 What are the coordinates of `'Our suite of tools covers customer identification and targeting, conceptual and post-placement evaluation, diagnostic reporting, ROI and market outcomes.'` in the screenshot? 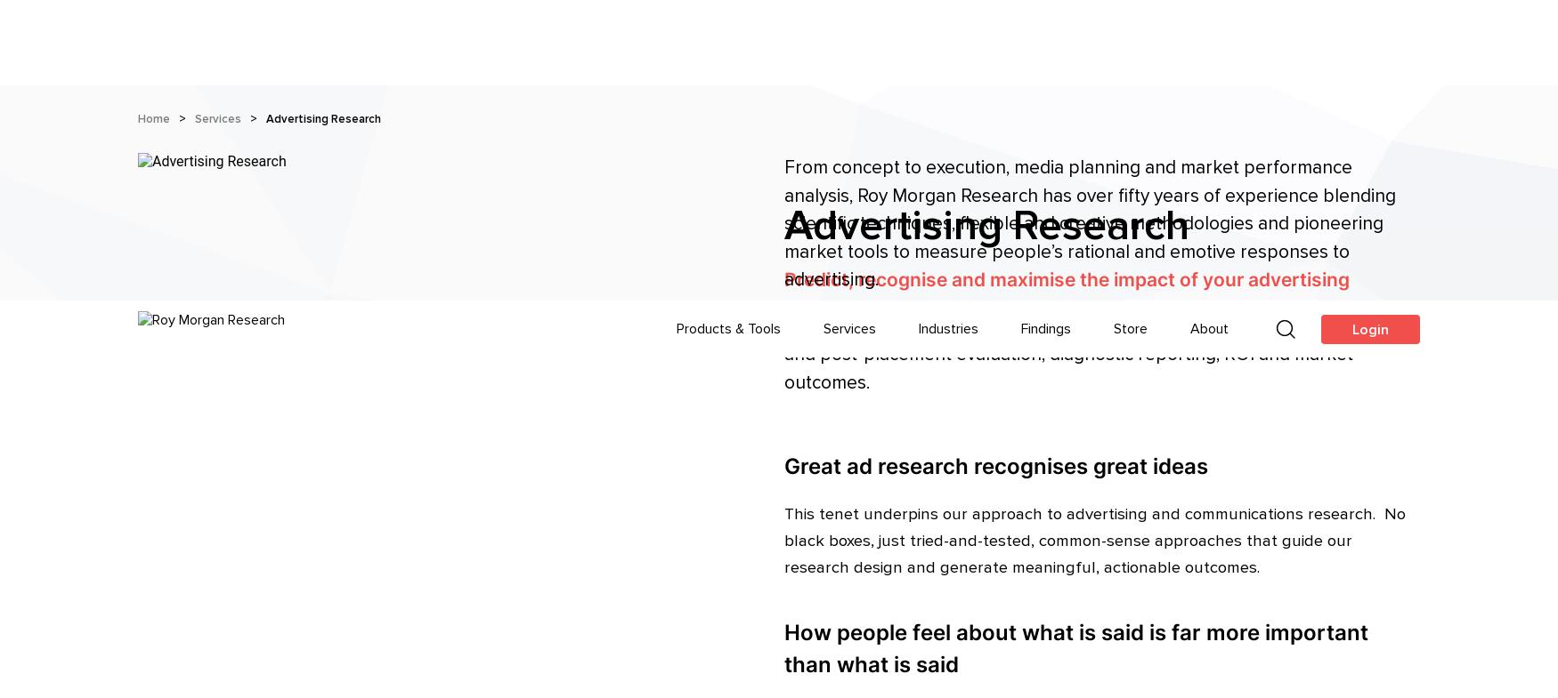 It's located at (1090, 52).